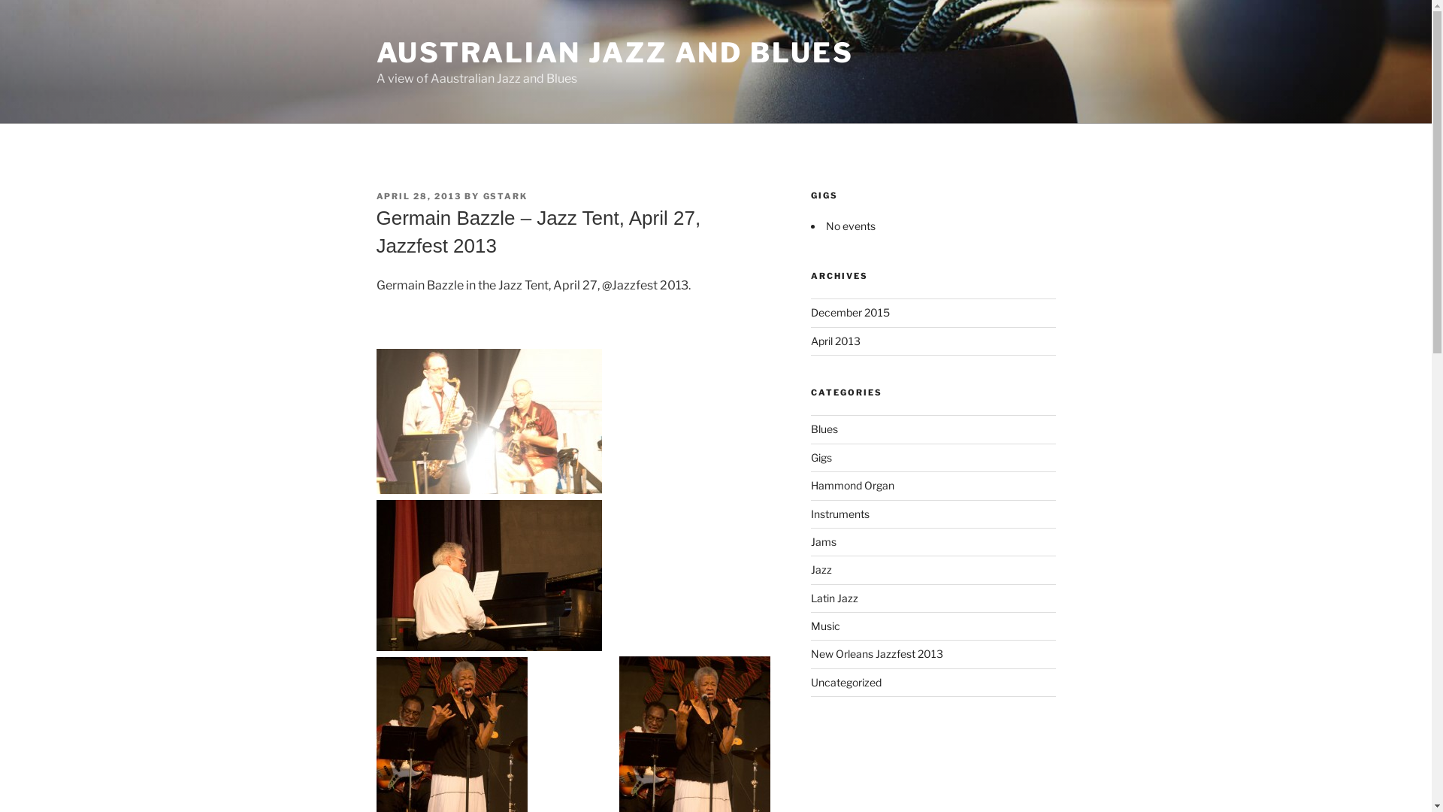  What do you see at coordinates (418, 195) in the screenshot?
I see `'APRIL 28, 2013'` at bounding box center [418, 195].